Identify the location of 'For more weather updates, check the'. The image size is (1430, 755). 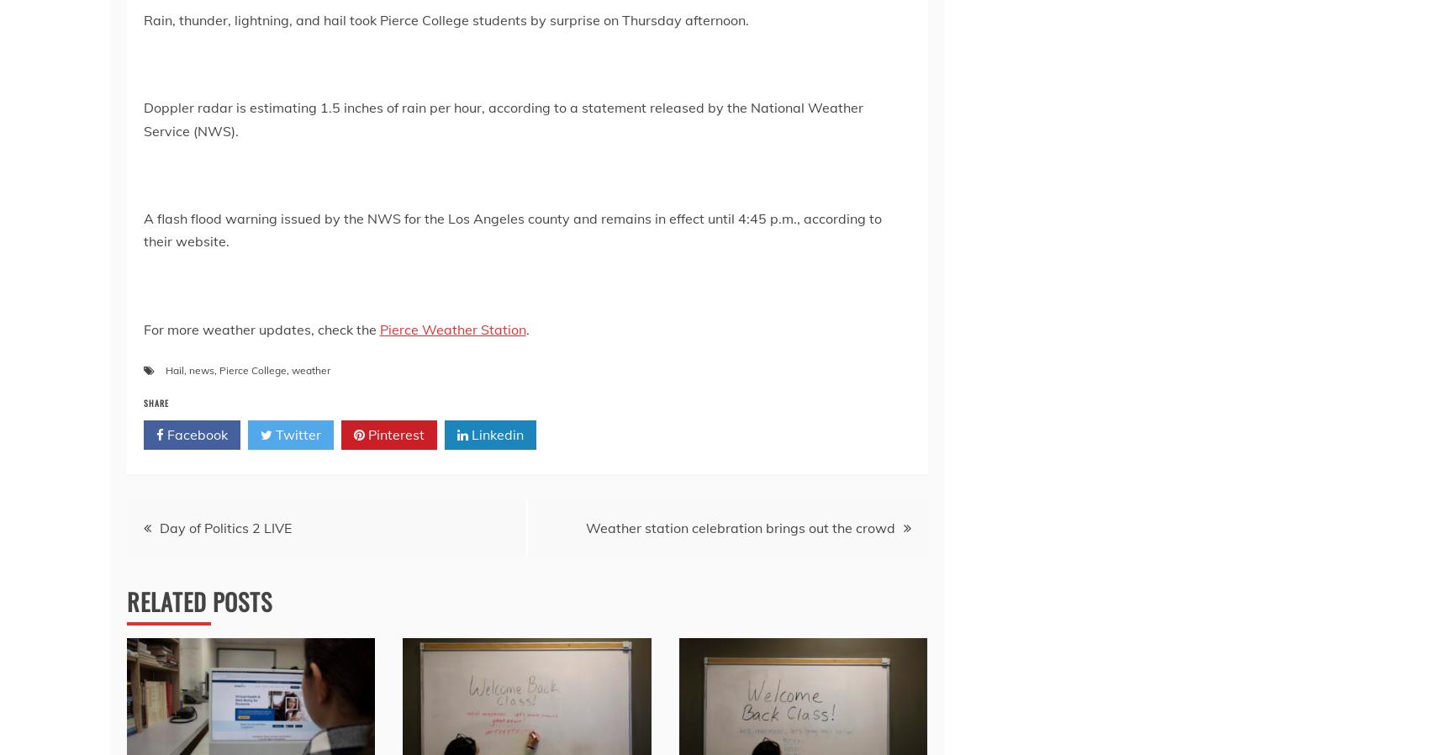
(261, 328).